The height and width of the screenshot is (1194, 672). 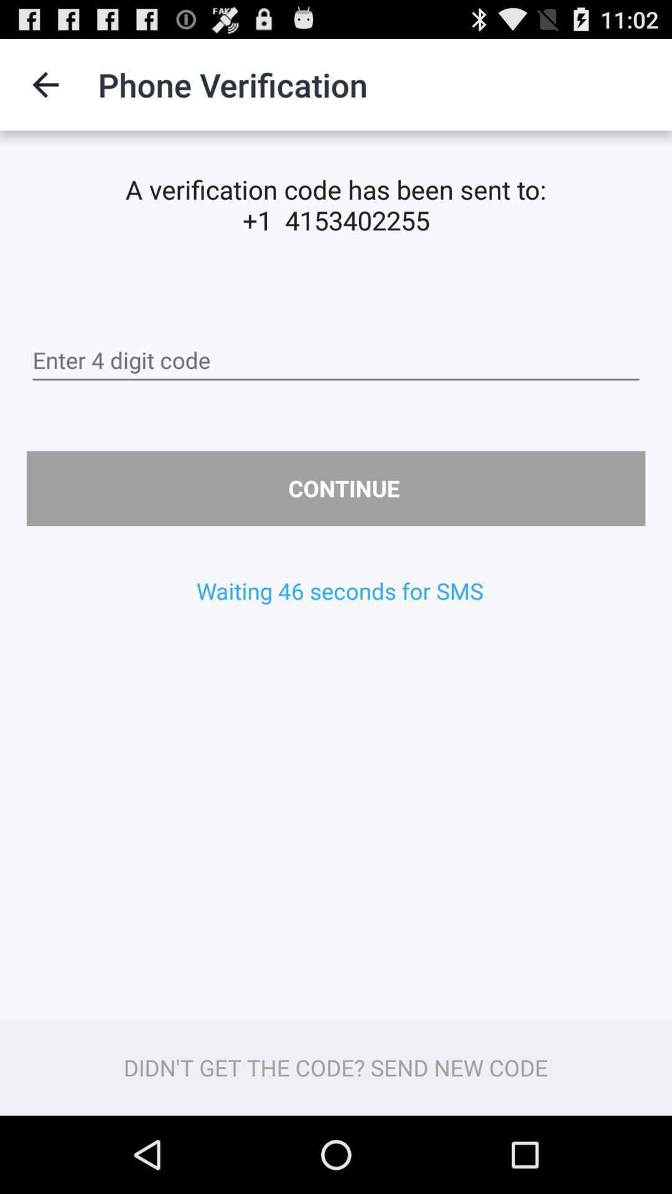 I want to click on the app to the left of the phone verification icon, so click(x=45, y=84).